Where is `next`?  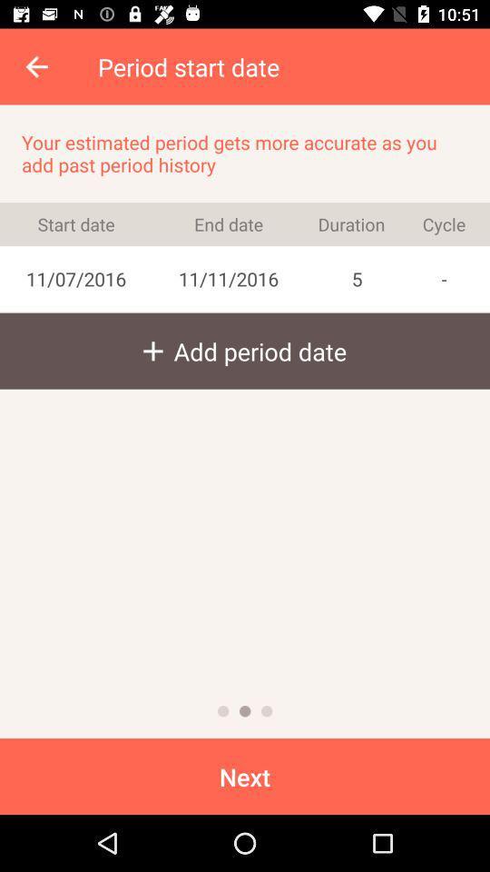
next is located at coordinates (266, 711).